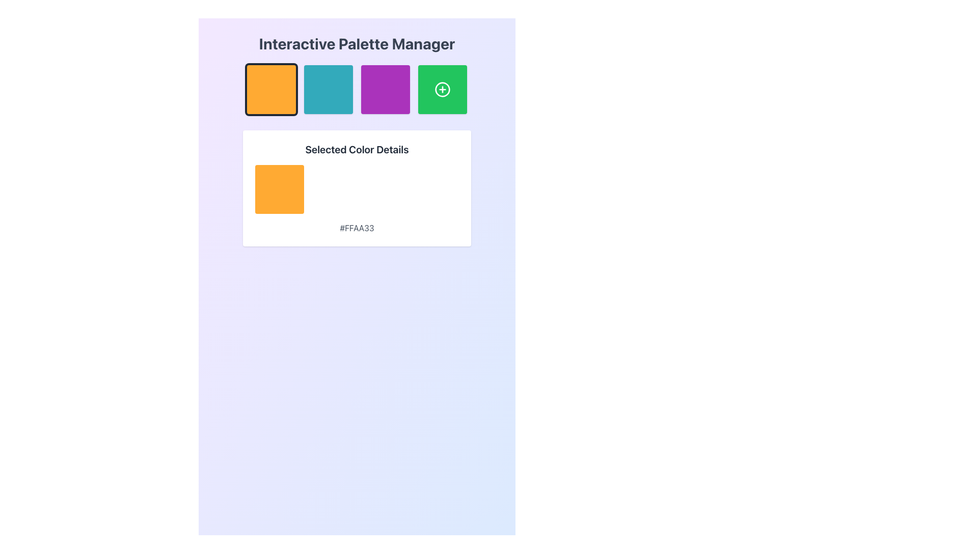  Describe the element at coordinates (357, 89) in the screenshot. I see `the second square item in the grid layout, which is filled with a teal shade` at that location.